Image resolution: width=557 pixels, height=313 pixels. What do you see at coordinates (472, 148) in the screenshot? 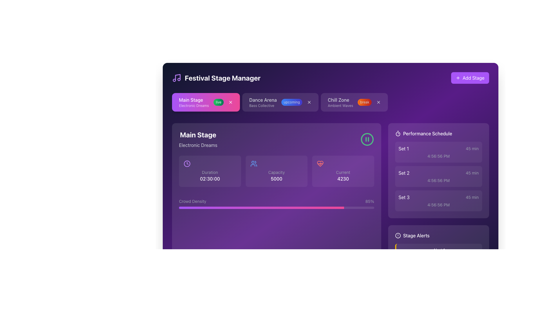
I see `the text label that indicates the duration of the performance 'Set 1', which is located on the far right side of the 'Set 1' card in the 'Performance Schedule' section` at bounding box center [472, 148].